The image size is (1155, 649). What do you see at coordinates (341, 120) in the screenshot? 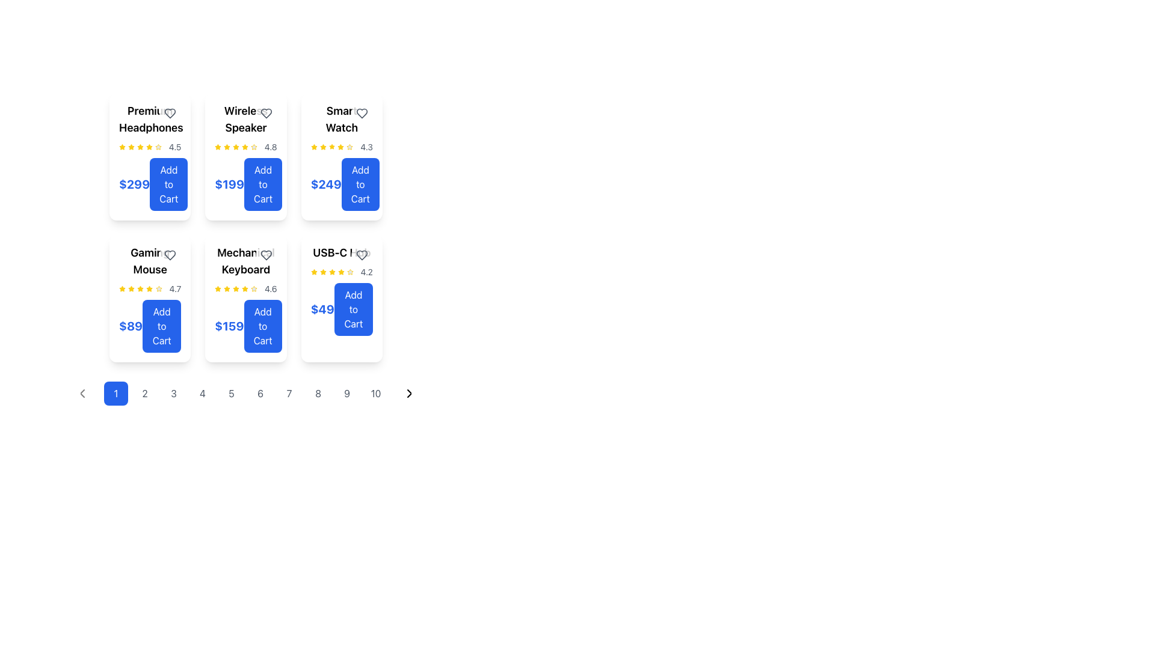
I see `the text label displaying the product name 'Smart Watch', located at the top-center of the product card` at bounding box center [341, 120].